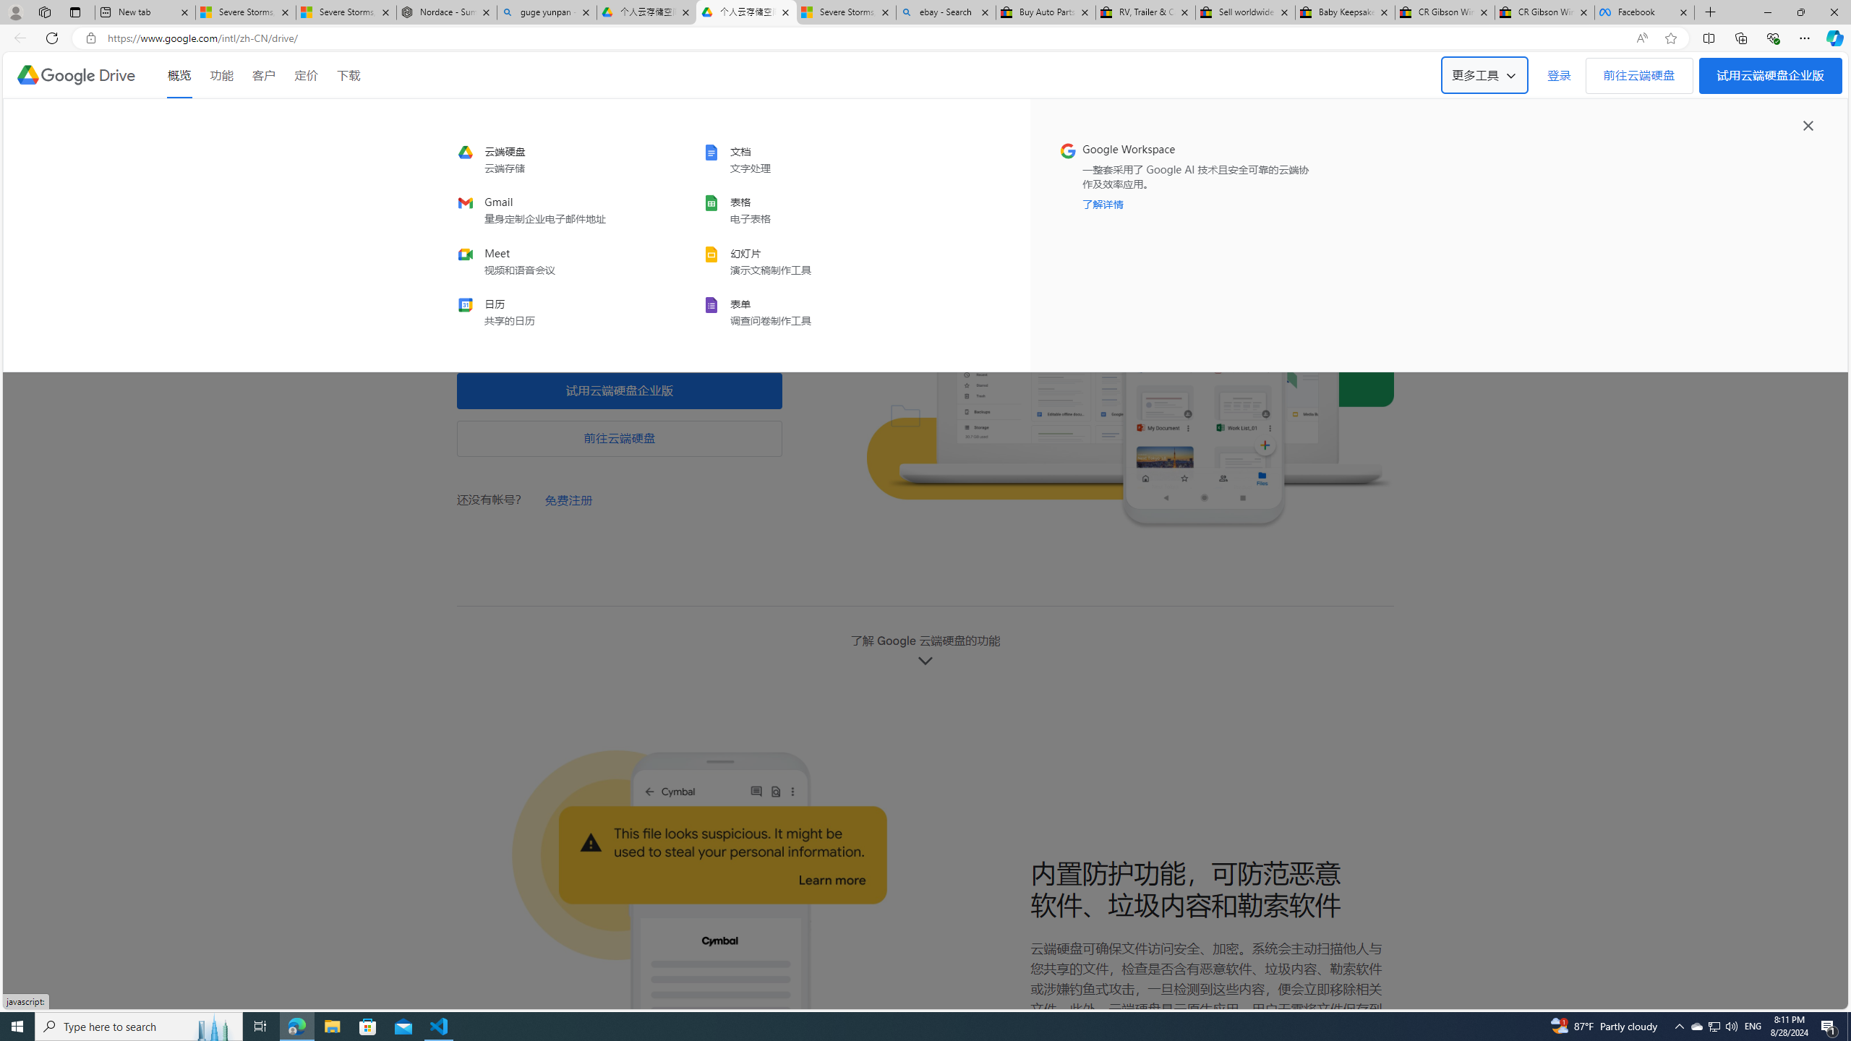 The image size is (1851, 1041). Describe the element at coordinates (798, 160) in the screenshot. I see `'docs'` at that location.